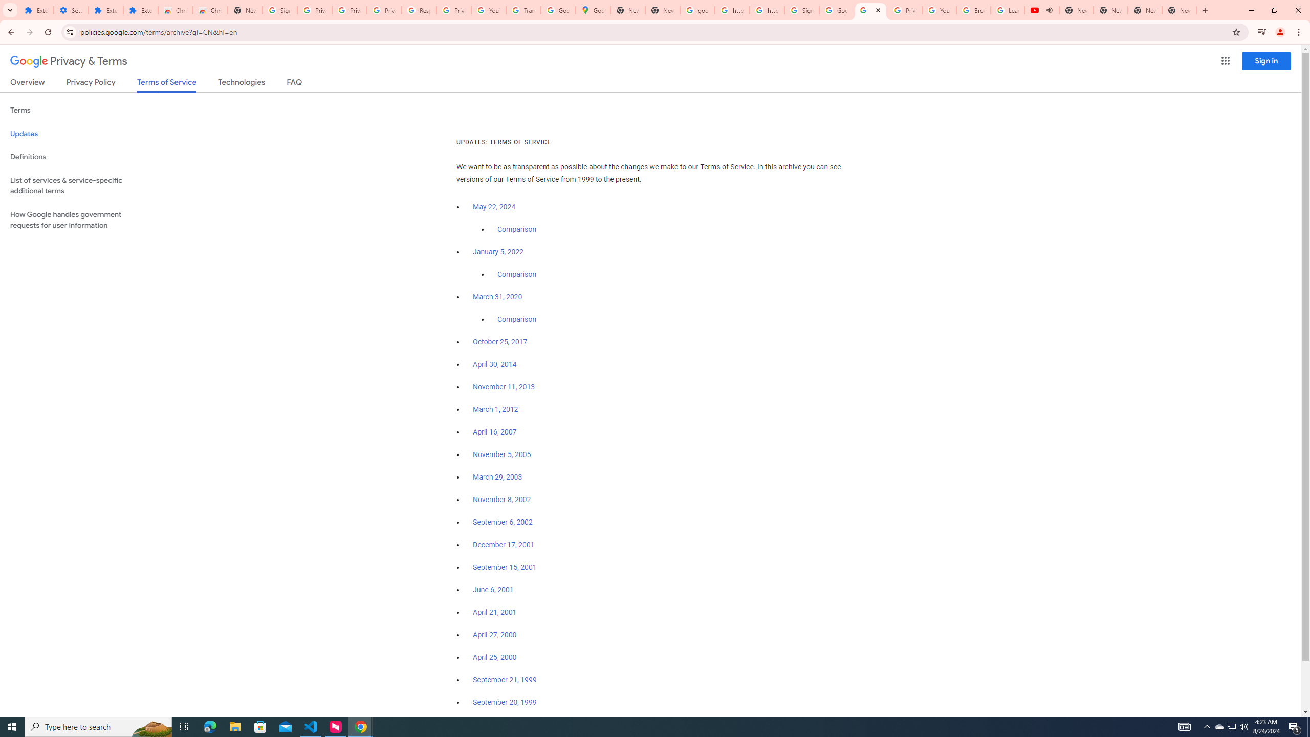  I want to click on 'YouTube', so click(938, 10).